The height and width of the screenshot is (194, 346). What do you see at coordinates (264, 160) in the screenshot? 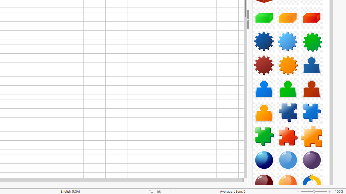
I see `'Component-Sphere01-DarkBlue'` at bounding box center [264, 160].